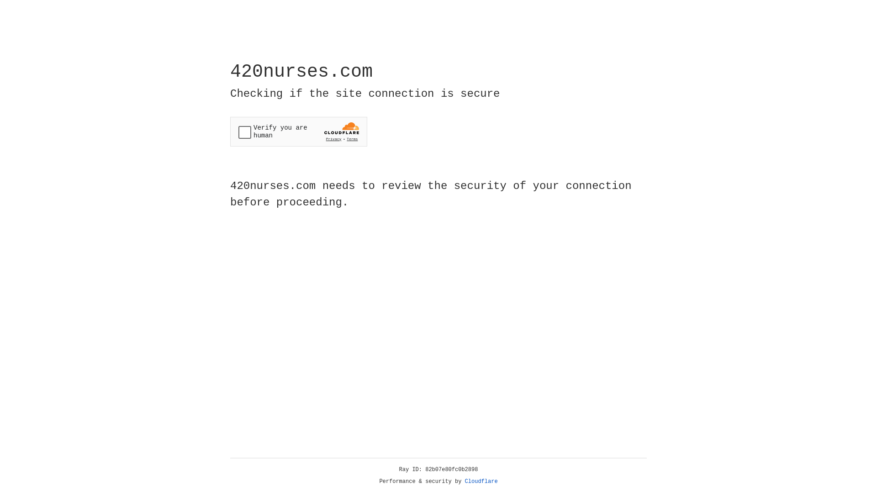 This screenshot has height=493, width=877. What do you see at coordinates (465, 481) in the screenshot?
I see `'Cloudflare'` at bounding box center [465, 481].